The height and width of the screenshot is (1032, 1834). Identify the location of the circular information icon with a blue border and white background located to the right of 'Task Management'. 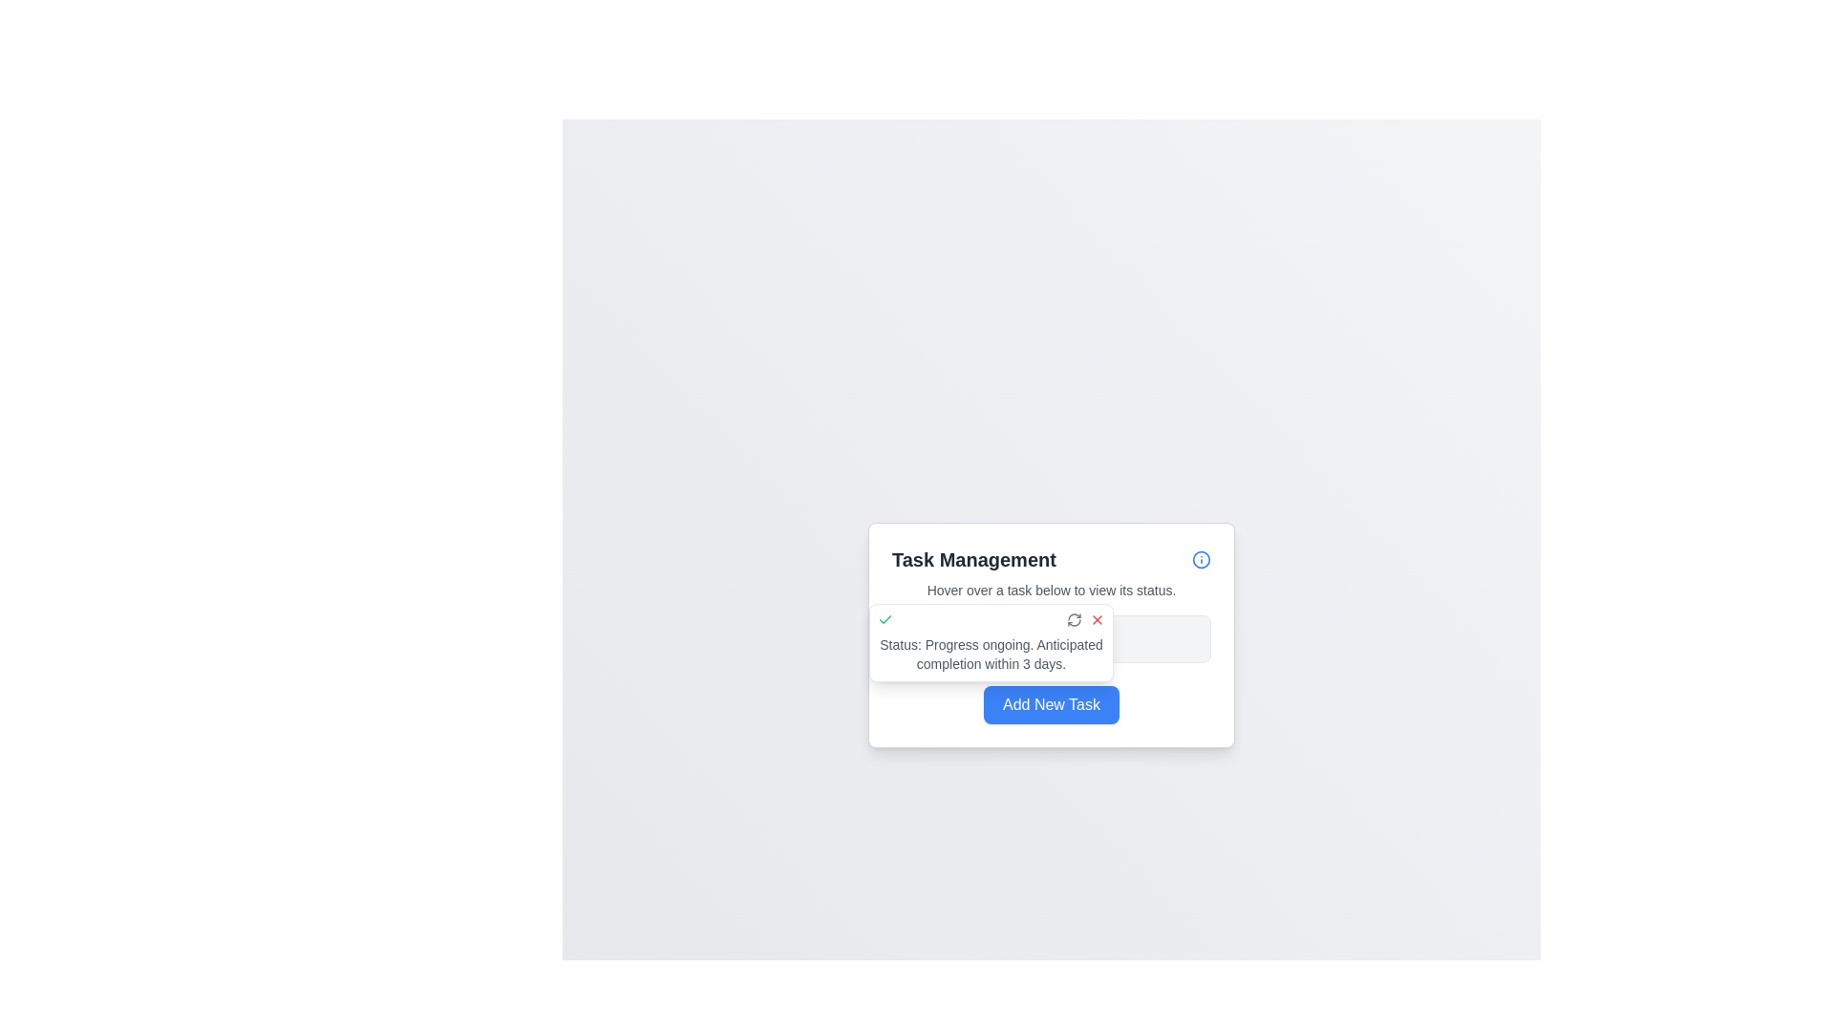
(1200, 559).